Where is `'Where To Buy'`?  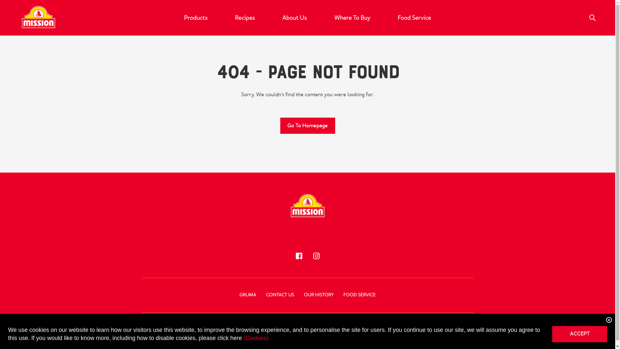
'Where To Buy' is located at coordinates (352, 17).